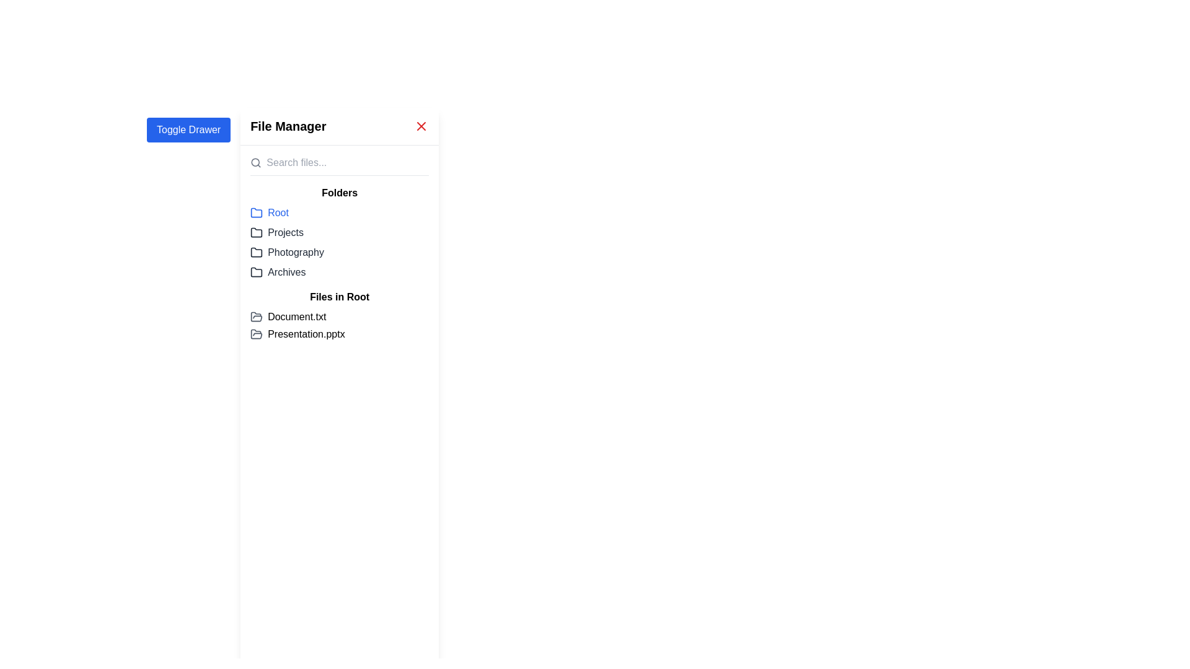  Describe the element at coordinates (340, 193) in the screenshot. I see `the bold text label that reads 'Folders' in the header area of the list section within the File Manager interface, which serves as a title for the folder items` at that location.